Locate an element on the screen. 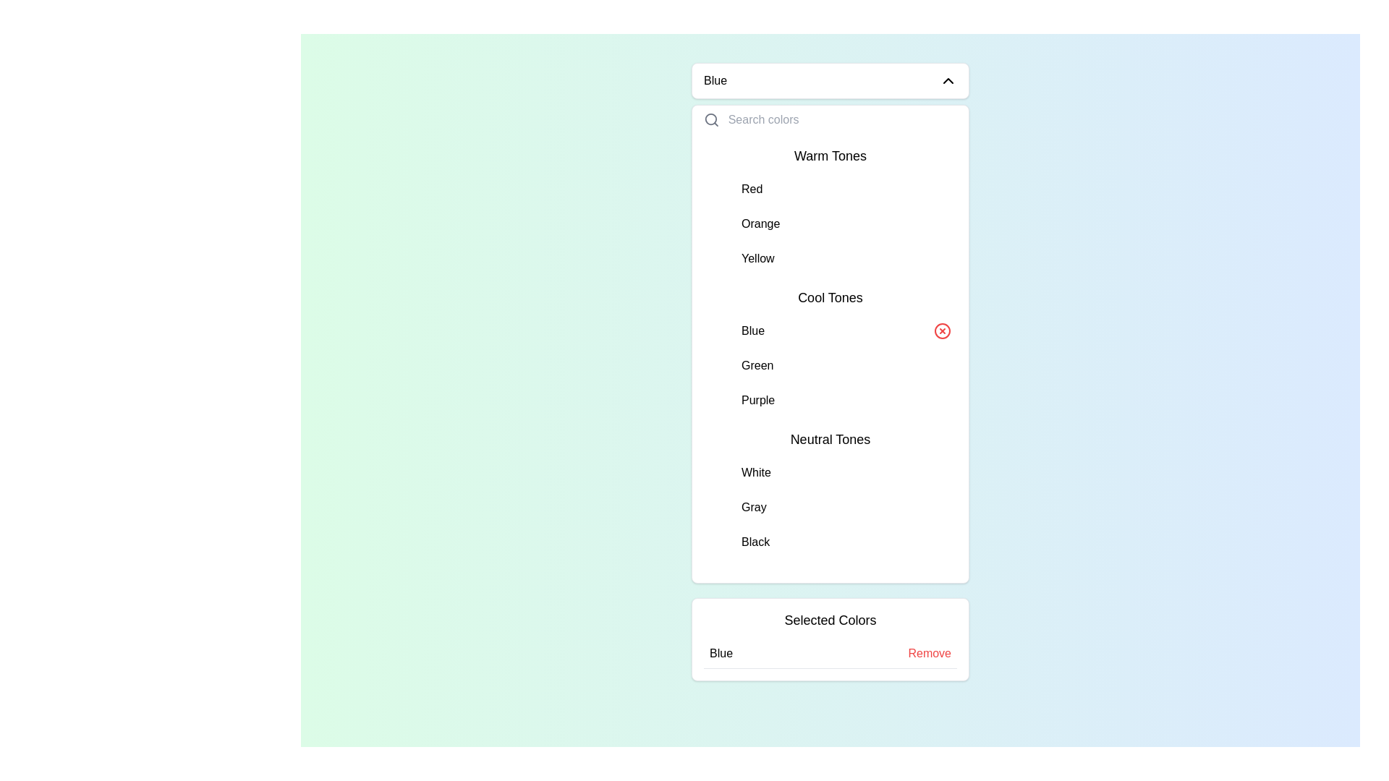 The width and height of the screenshot is (1389, 781). the circular part of the magnifying glass icon located in the top-left corner of the dropdown interface, which represents search functionality is located at coordinates (710, 119).